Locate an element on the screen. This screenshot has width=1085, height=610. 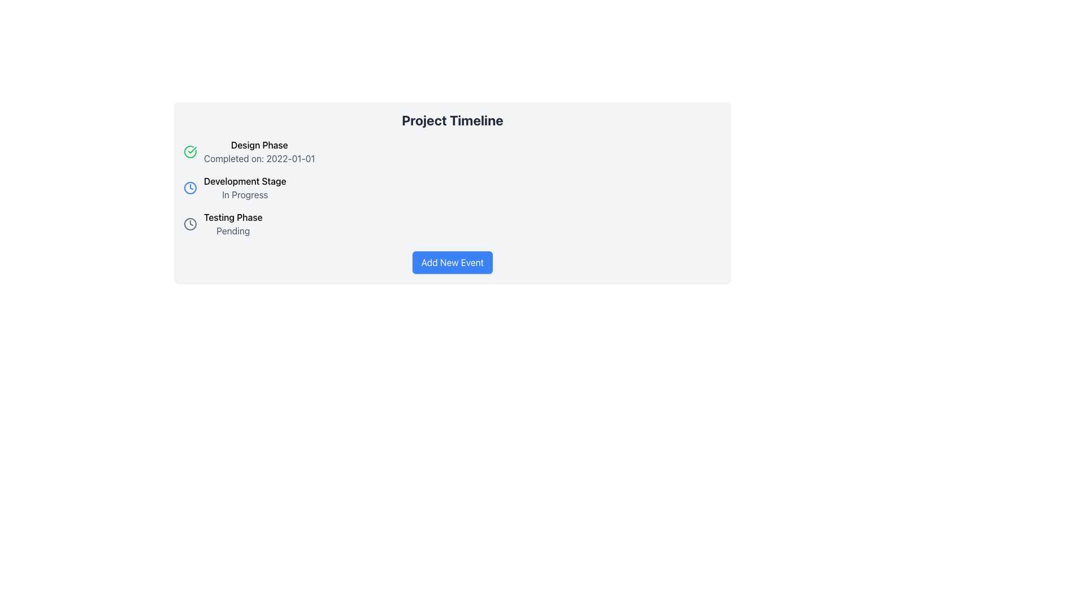
the green circle with a check mark icon to acknowledge the completion of the 'Design Phase' task is located at coordinates (190, 151).